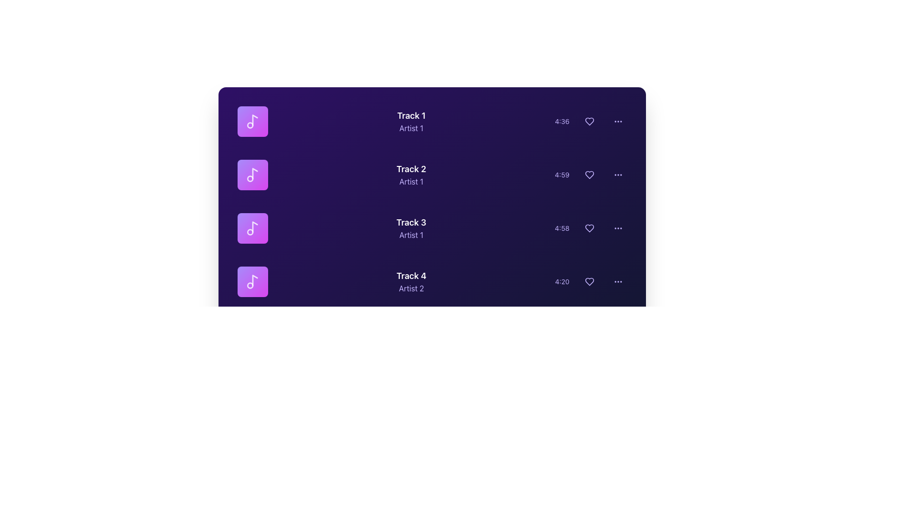 This screenshot has width=916, height=515. Describe the element at coordinates (590, 121) in the screenshot. I see `the heart icon, which is the second element in the sequence representing 'Track 1 - Artist 1'` at that location.